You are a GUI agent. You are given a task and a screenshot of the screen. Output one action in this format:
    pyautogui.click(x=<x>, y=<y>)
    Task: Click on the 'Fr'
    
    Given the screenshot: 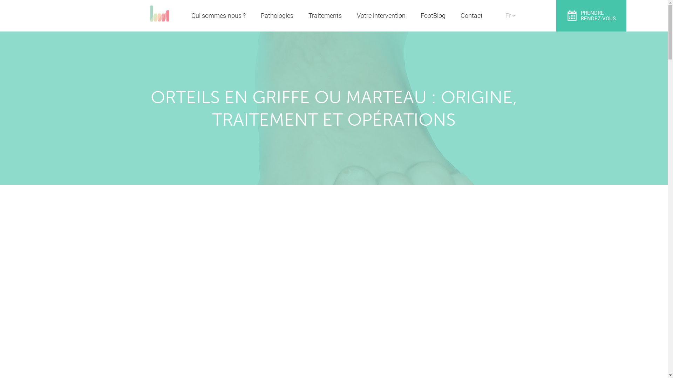 What is the action you would take?
    pyautogui.click(x=508, y=9)
    